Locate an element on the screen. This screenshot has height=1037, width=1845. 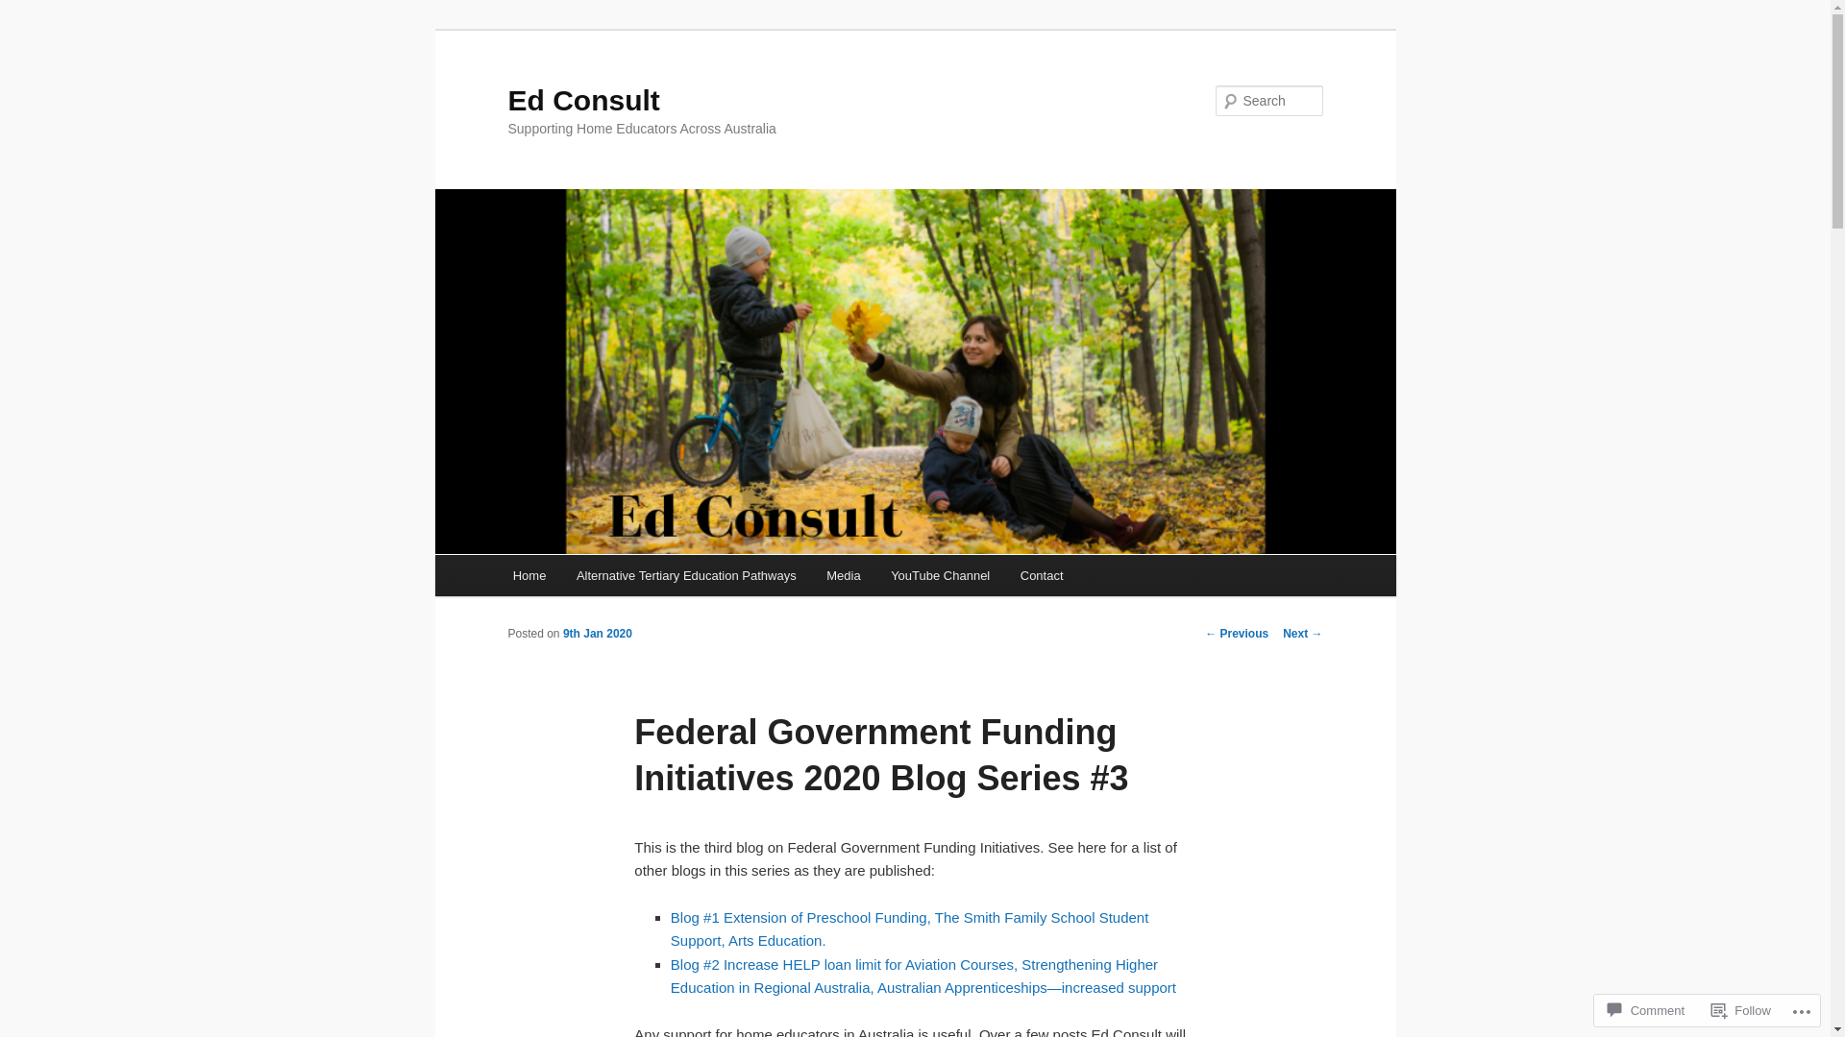
'Alternative Tertiary Education Pathways' is located at coordinates (686, 574).